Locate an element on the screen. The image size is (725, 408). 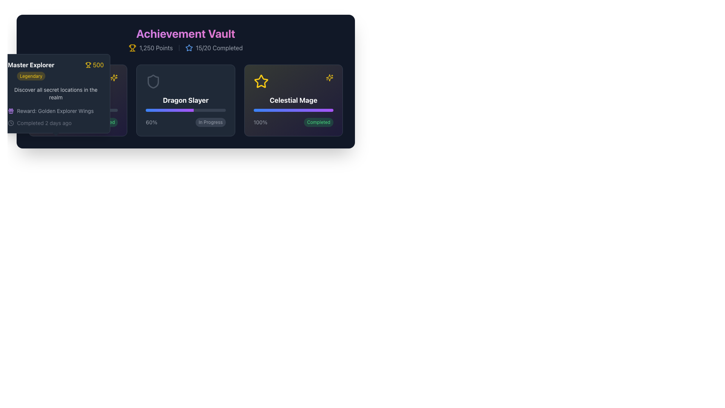
the embedded icons in the 'Achievement Vault' header for navigation or more details is located at coordinates (185, 39).